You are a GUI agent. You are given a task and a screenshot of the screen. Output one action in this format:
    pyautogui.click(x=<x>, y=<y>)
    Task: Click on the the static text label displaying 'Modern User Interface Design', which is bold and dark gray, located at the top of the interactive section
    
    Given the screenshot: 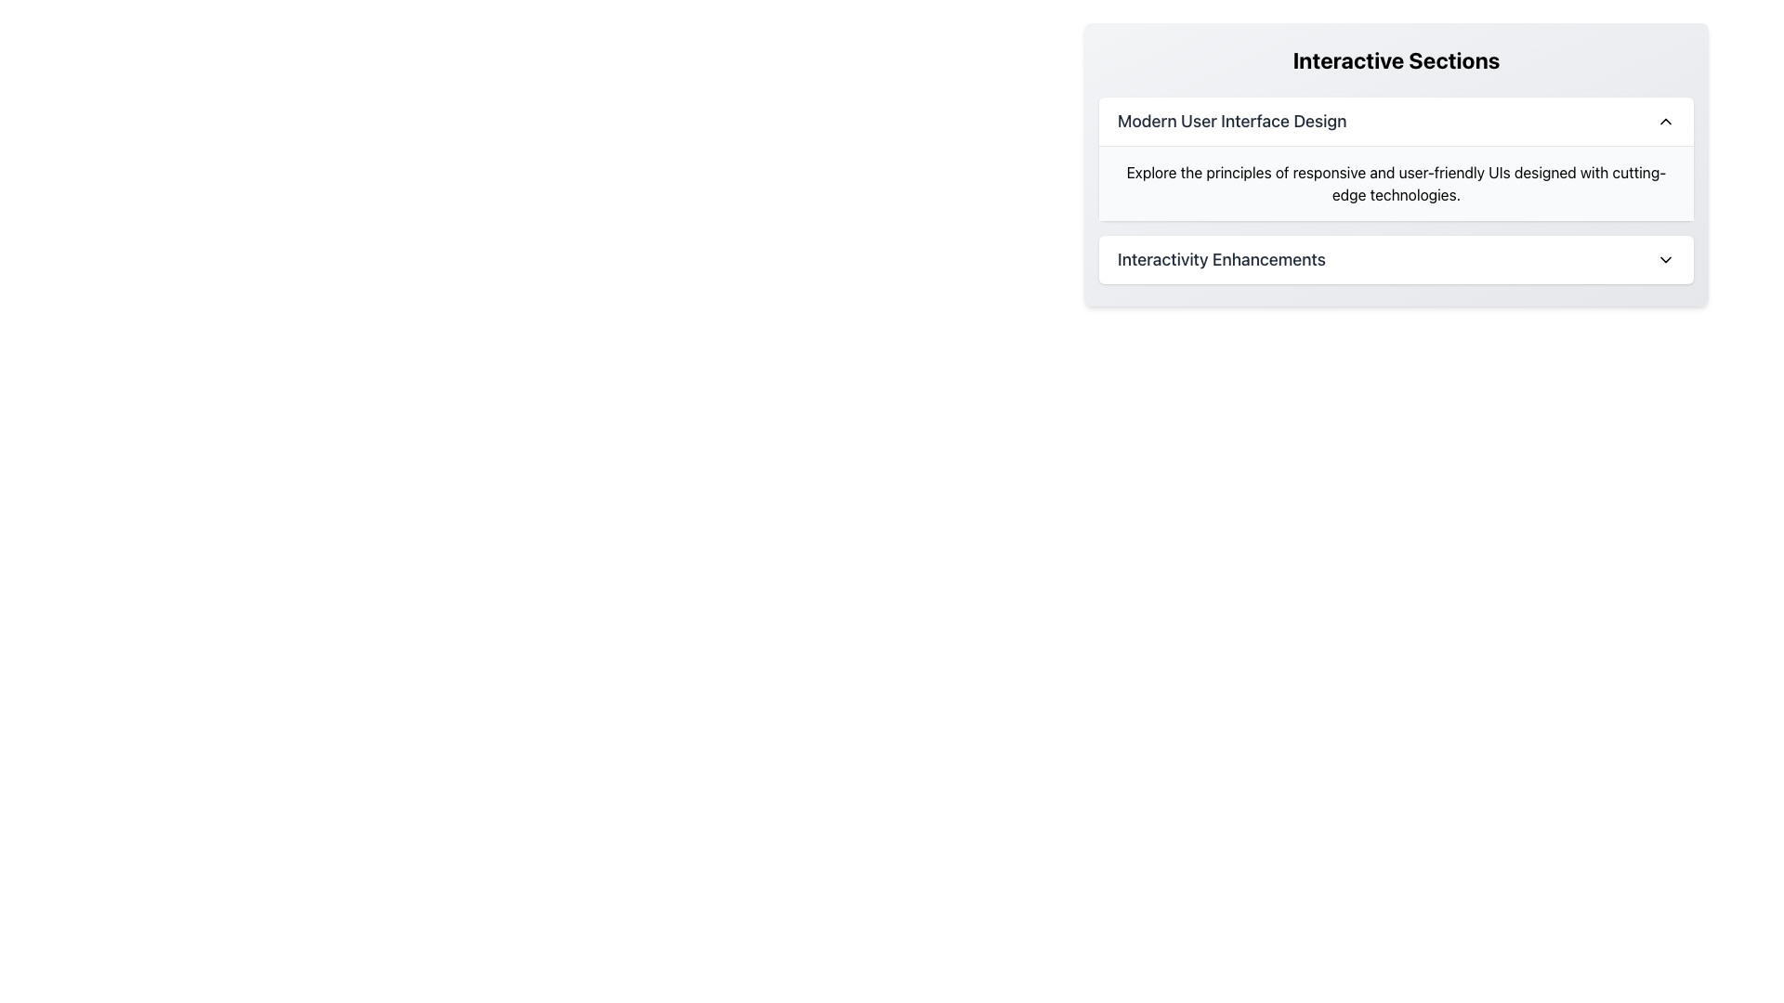 What is the action you would take?
    pyautogui.click(x=1232, y=122)
    